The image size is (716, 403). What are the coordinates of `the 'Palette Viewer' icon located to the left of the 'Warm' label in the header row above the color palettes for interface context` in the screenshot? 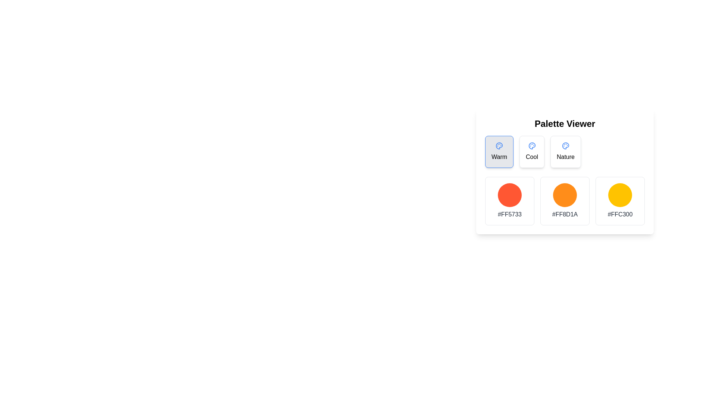 It's located at (499, 146).